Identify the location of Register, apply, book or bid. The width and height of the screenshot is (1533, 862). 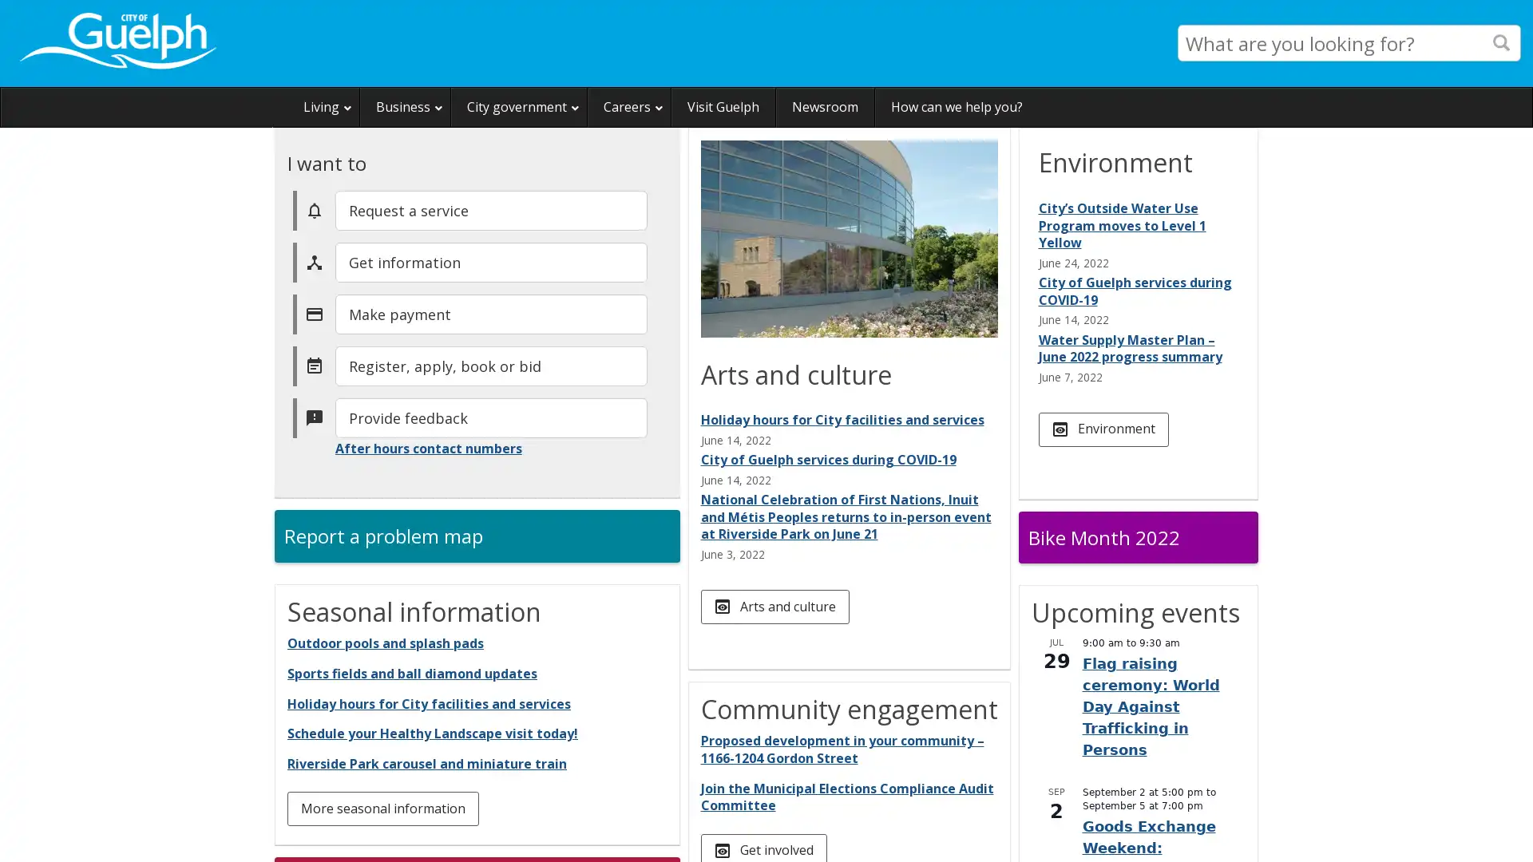
(489, 366).